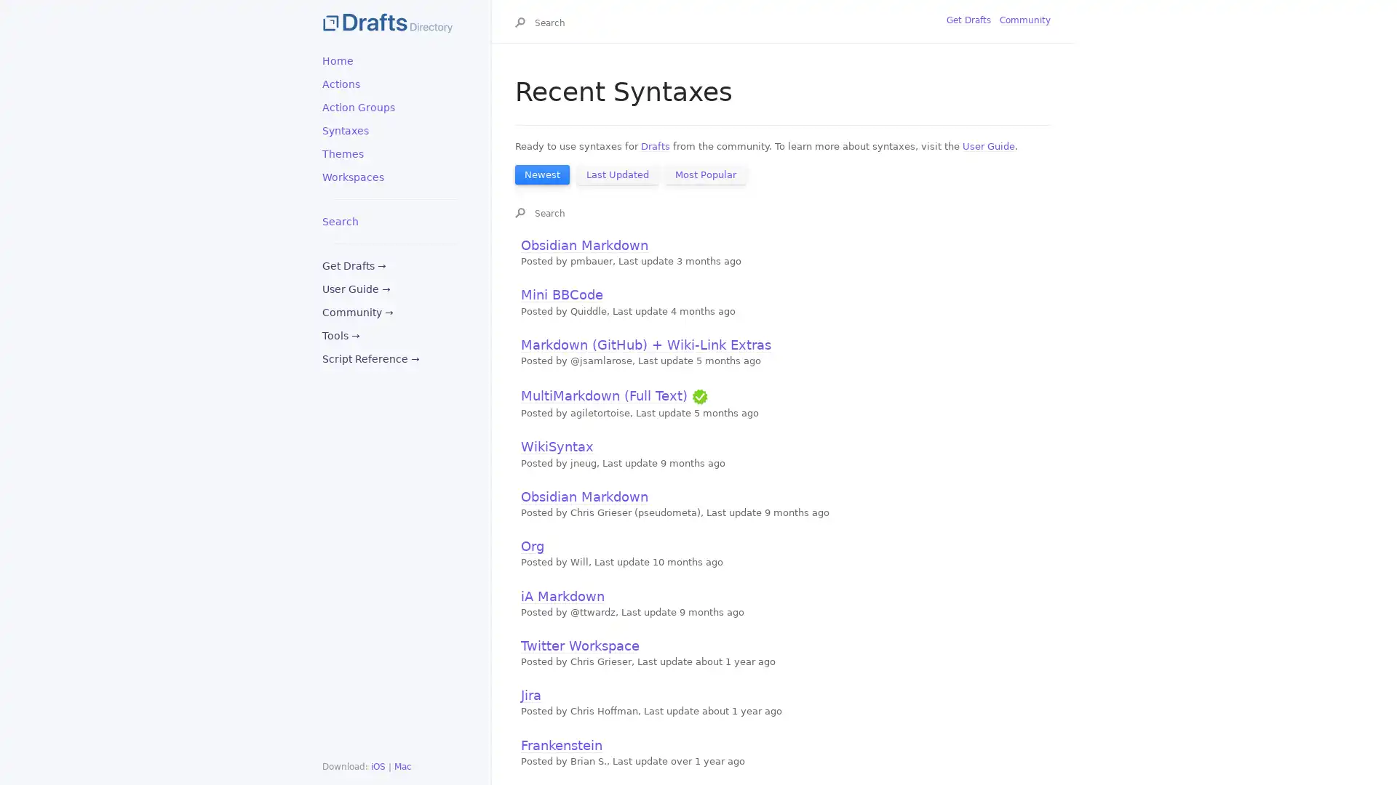 The image size is (1397, 785). What do you see at coordinates (523, 213) in the screenshot?
I see `Search` at bounding box center [523, 213].